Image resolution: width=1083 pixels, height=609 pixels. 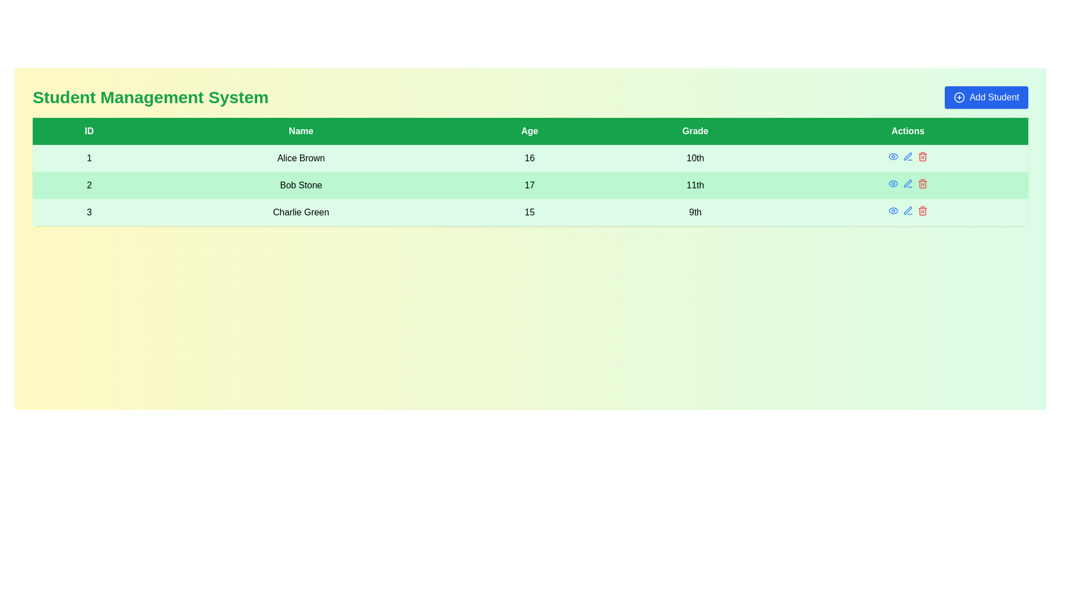 What do you see at coordinates (301, 158) in the screenshot?
I see `information displayed in the Text label showing 'Alice Brown' located in the second column of the first row of the table under the 'Name' column` at bounding box center [301, 158].